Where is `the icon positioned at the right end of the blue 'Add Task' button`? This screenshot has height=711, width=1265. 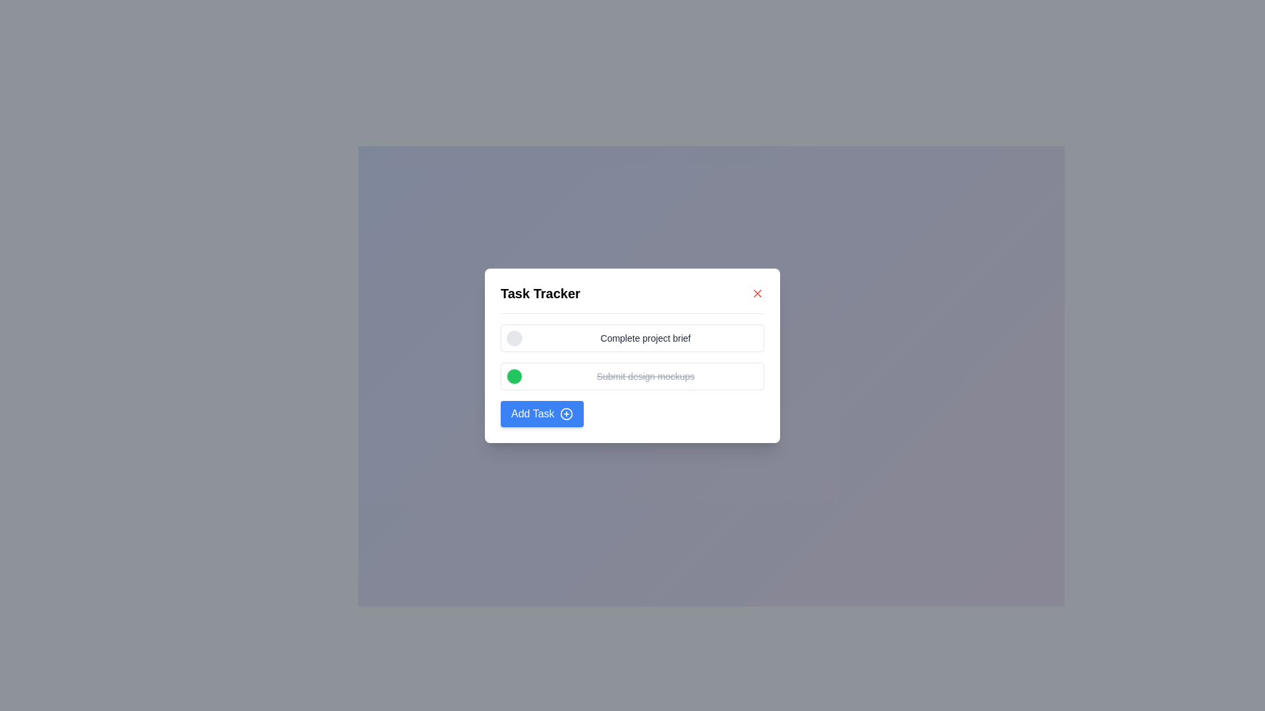
the icon positioned at the right end of the blue 'Add Task' button is located at coordinates (566, 413).